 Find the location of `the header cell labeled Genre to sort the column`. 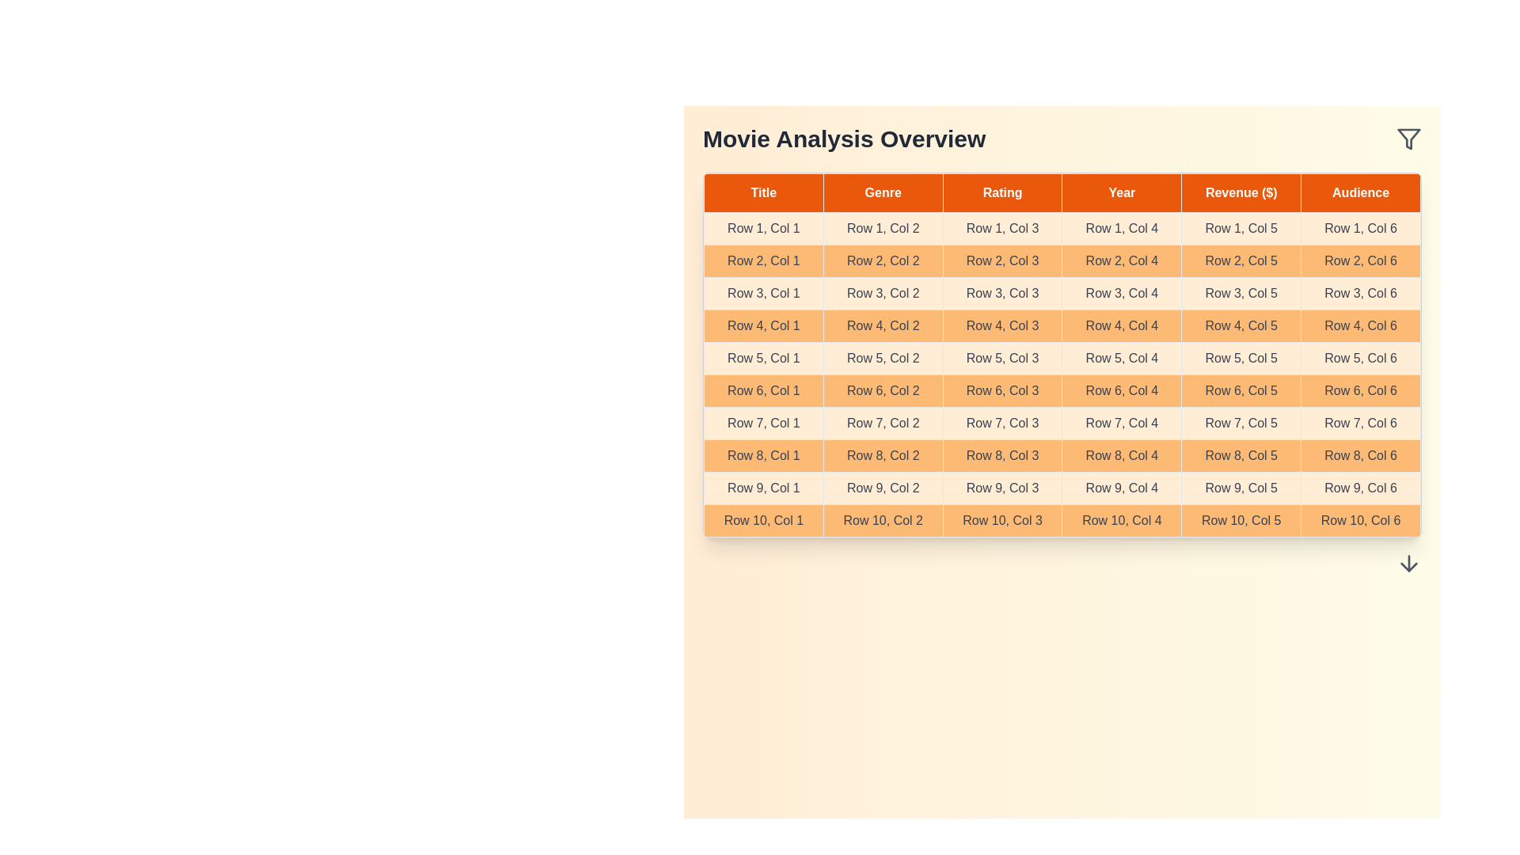

the header cell labeled Genre to sort the column is located at coordinates (882, 192).